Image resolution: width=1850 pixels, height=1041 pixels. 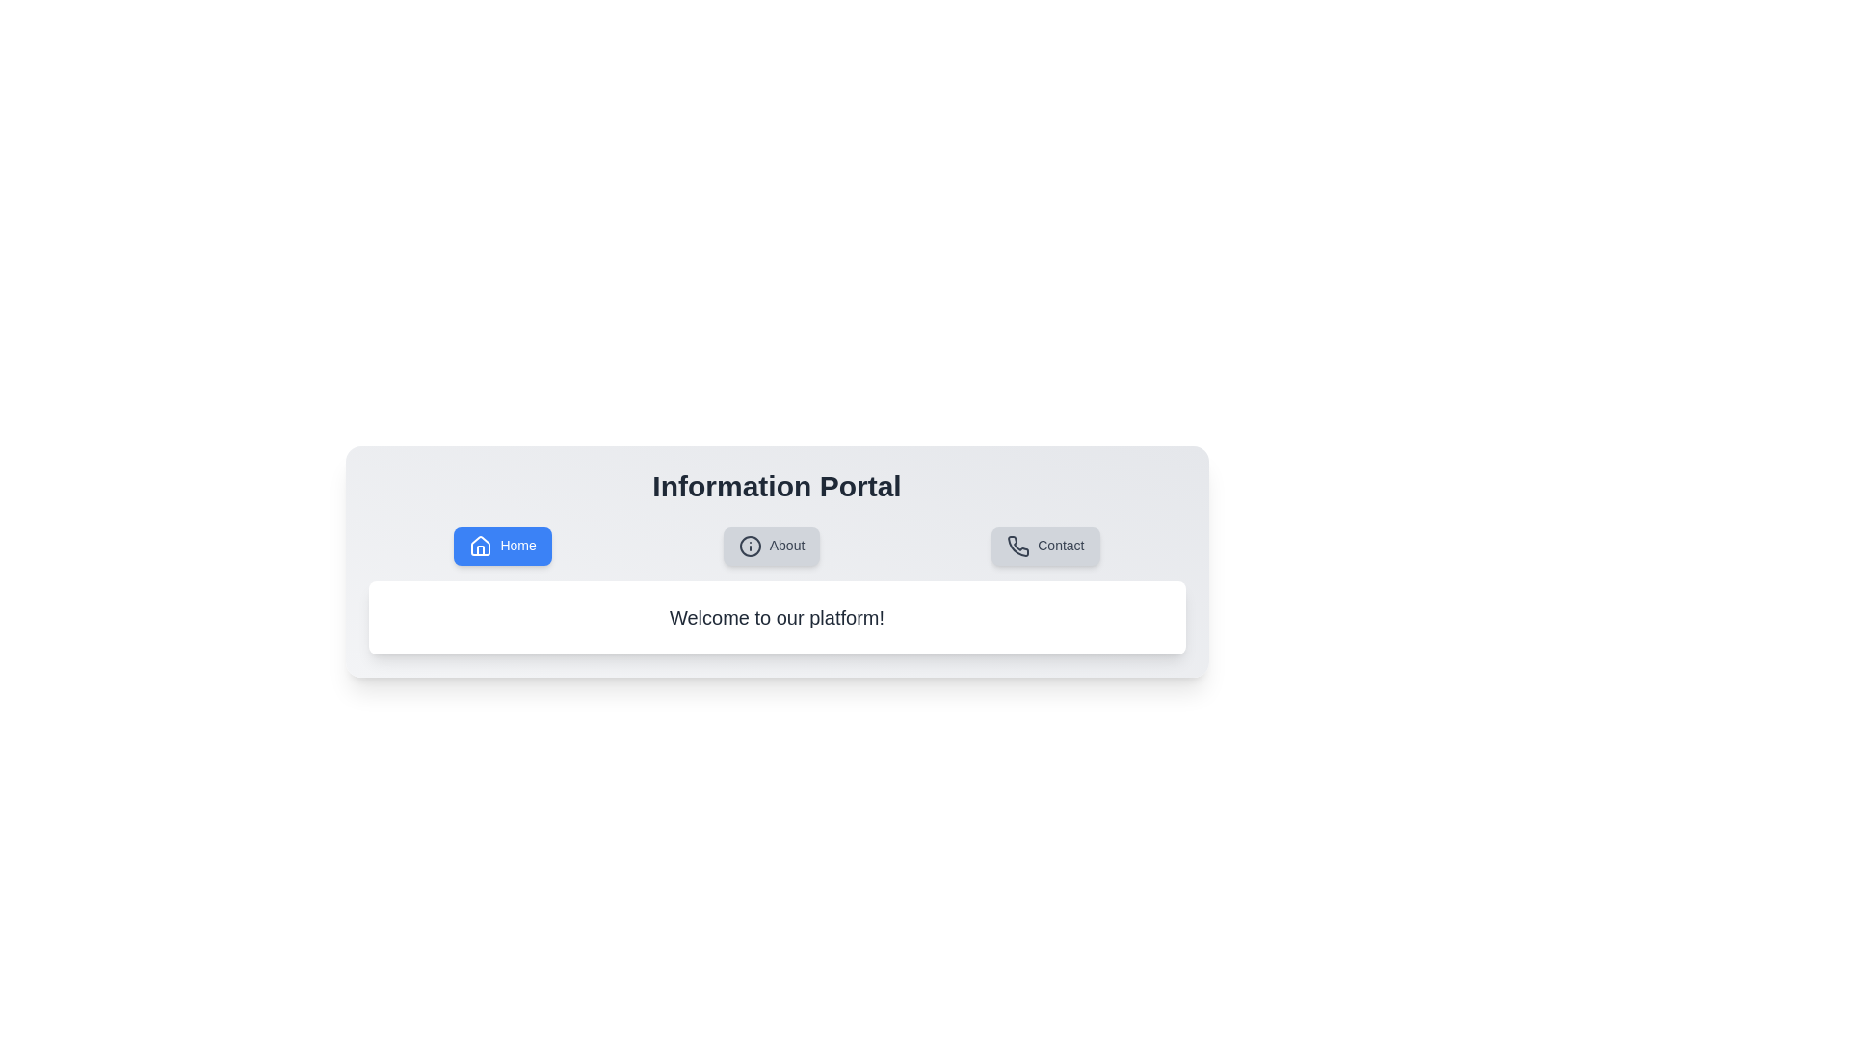 What do you see at coordinates (1017, 547) in the screenshot?
I see `the phone handset icon located inside the 'Contact' button, which is the third button in a row below the 'Information Portal' title` at bounding box center [1017, 547].